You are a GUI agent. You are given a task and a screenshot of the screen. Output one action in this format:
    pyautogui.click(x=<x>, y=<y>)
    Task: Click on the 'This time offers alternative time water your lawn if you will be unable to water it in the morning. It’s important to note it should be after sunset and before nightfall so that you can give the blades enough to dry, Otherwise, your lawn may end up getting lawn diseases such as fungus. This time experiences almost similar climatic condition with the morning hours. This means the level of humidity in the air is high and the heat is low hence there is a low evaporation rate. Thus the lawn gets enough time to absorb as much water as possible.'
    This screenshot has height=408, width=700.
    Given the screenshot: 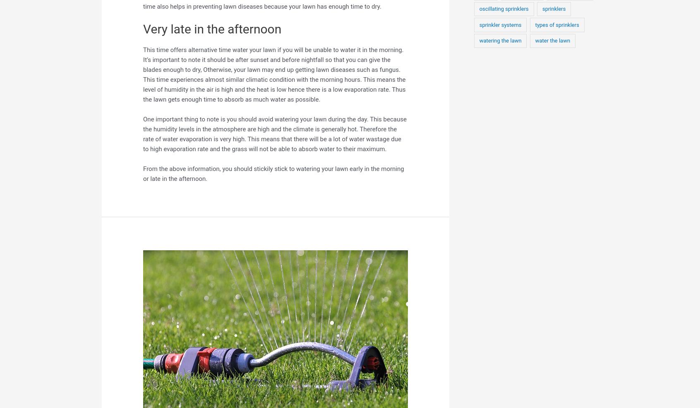 What is the action you would take?
    pyautogui.click(x=274, y=74)
    